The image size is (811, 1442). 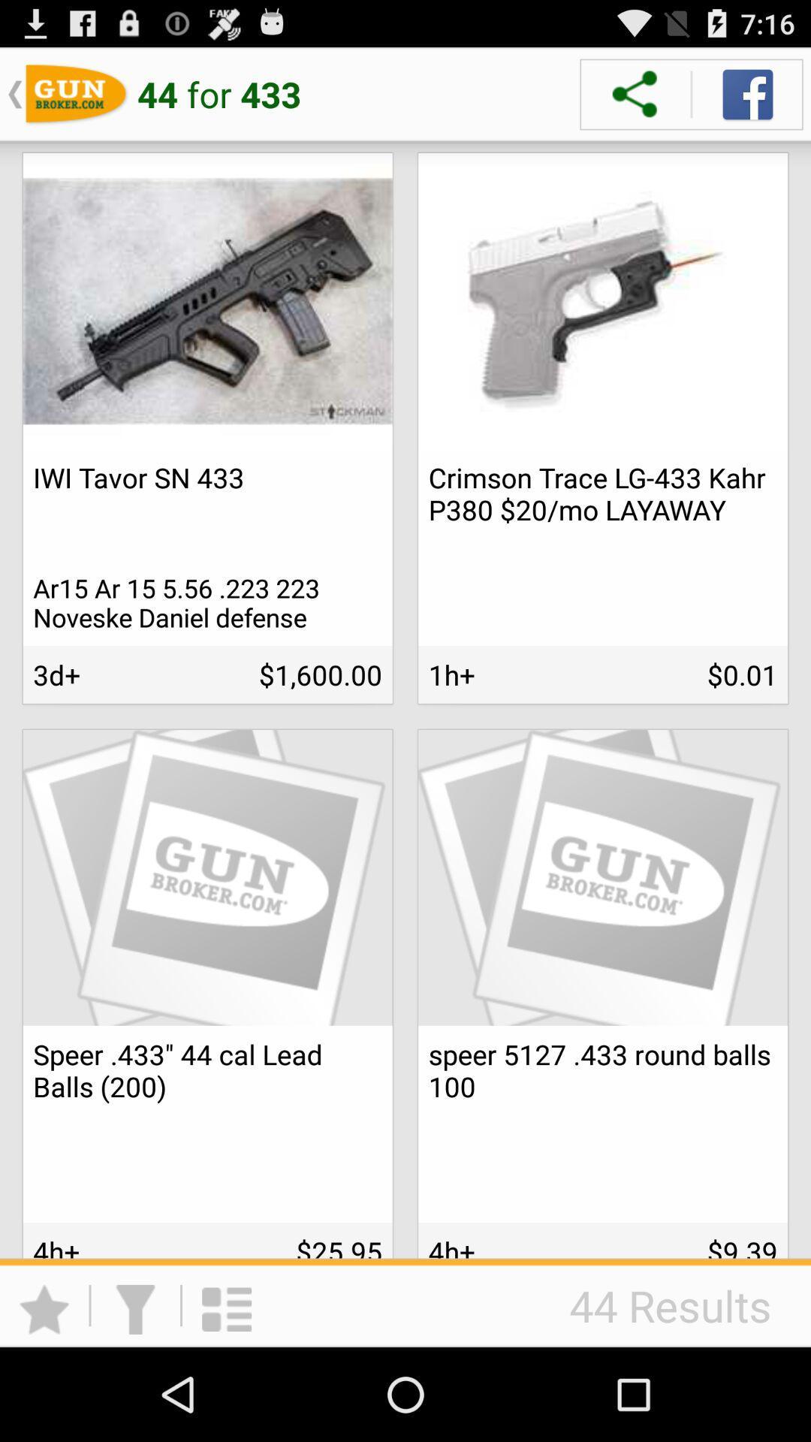 I want to click on the filter icon, so click(x=135, y=1397).